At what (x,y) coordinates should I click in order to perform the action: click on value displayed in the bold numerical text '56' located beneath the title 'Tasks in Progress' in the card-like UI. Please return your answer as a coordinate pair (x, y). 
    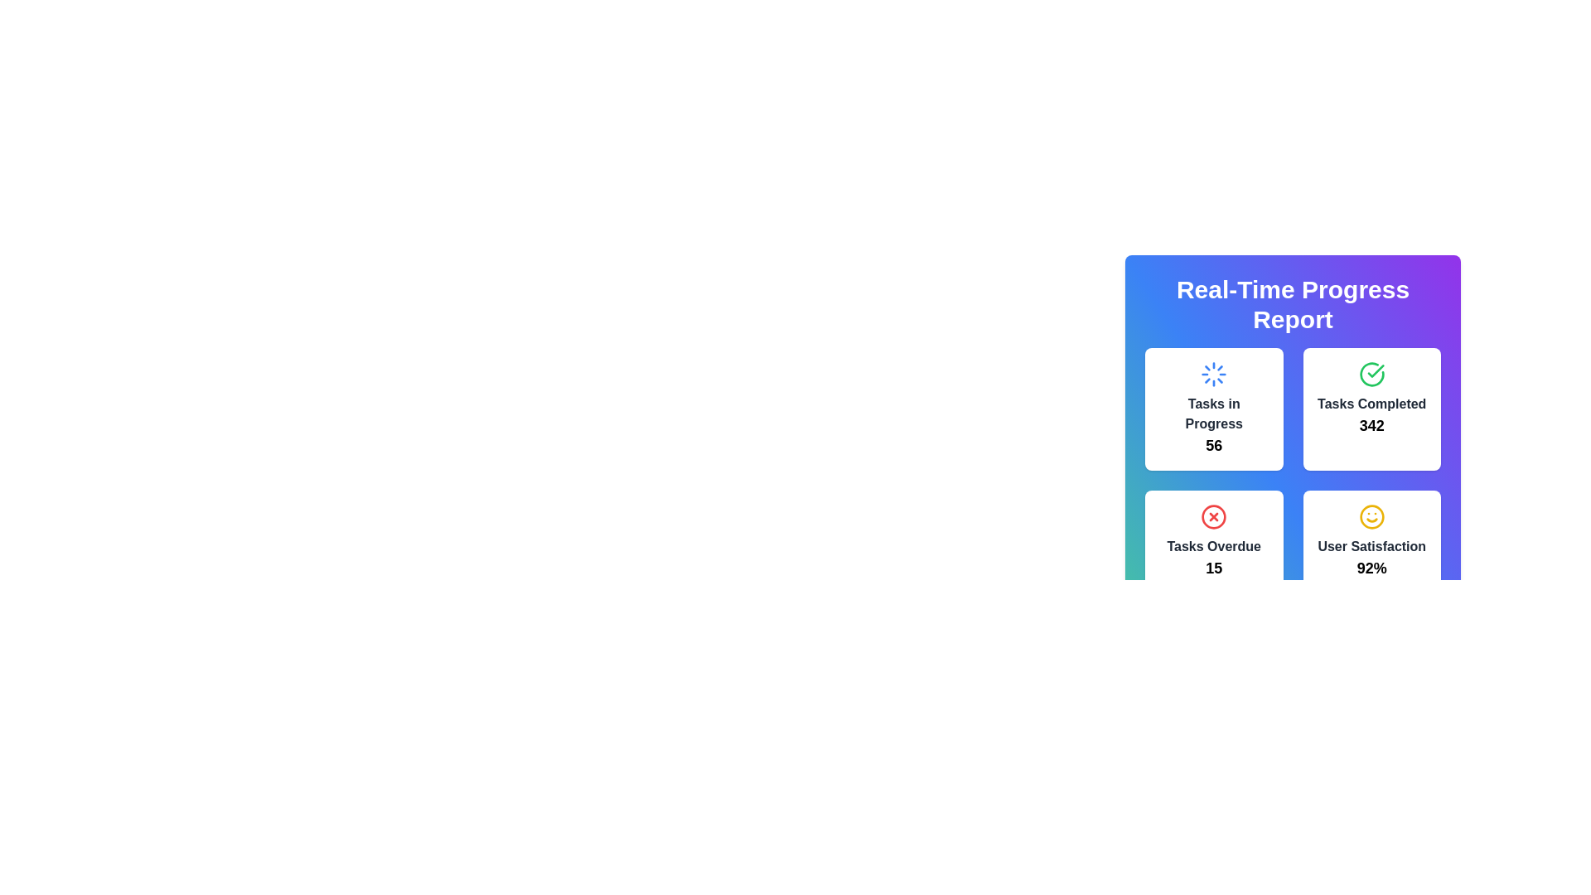
    Looking at the image, I should click on (1214, 444).